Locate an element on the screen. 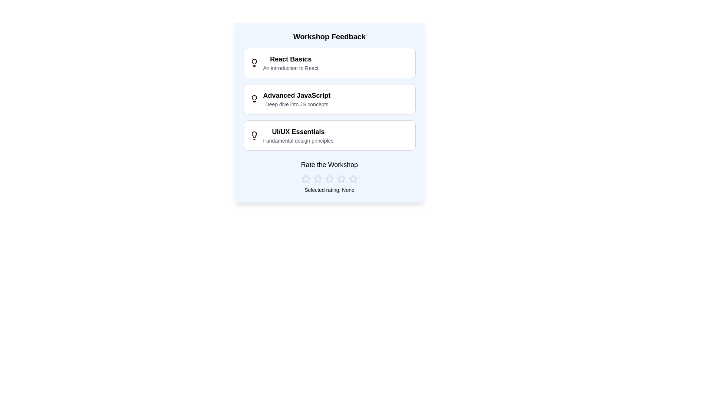 Image resolution: width=712 pixels, height=400 pixels. the Text label or heading that serves as the title for the workshop topic, which is located at the top of a vertical list and is paired with a description below it that reads 'An introduction to React' is located at coordinates (290, 59).